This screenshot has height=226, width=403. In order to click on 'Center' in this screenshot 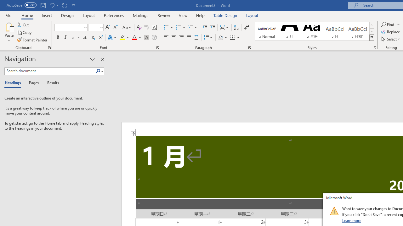, I will do `click(174, 37)`.